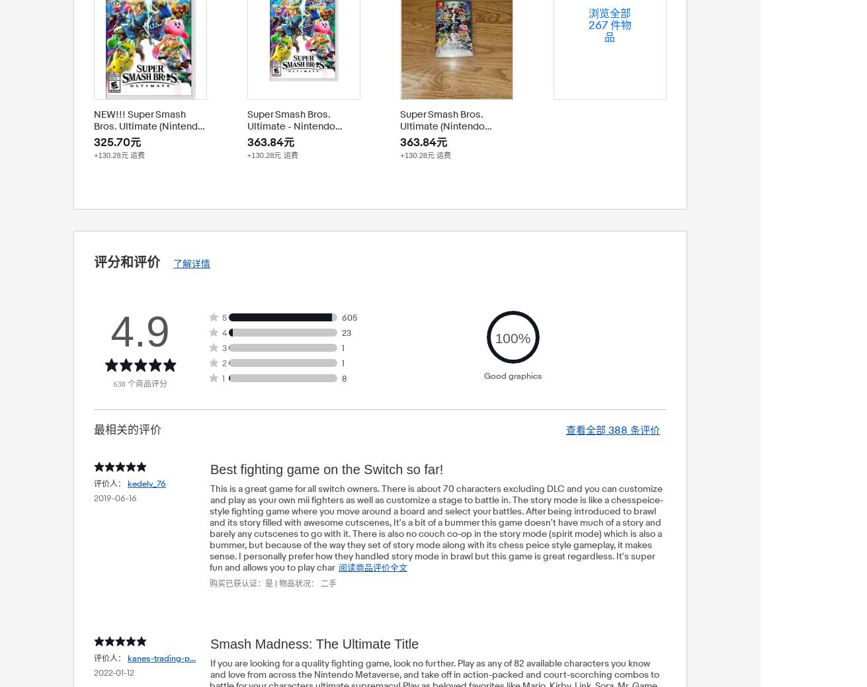 The height and width of the screenshot is (687, 867). Describe the element at coordinates (275, 583) in the screenshot. I see `'|'` at that location.